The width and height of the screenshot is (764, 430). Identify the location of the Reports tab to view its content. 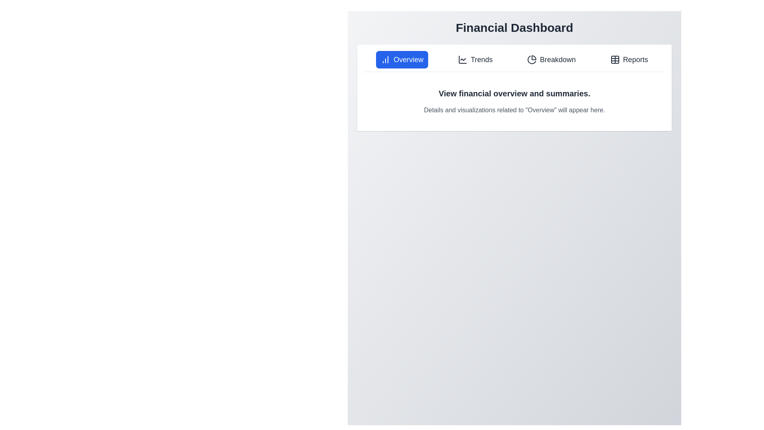
(629, 59).